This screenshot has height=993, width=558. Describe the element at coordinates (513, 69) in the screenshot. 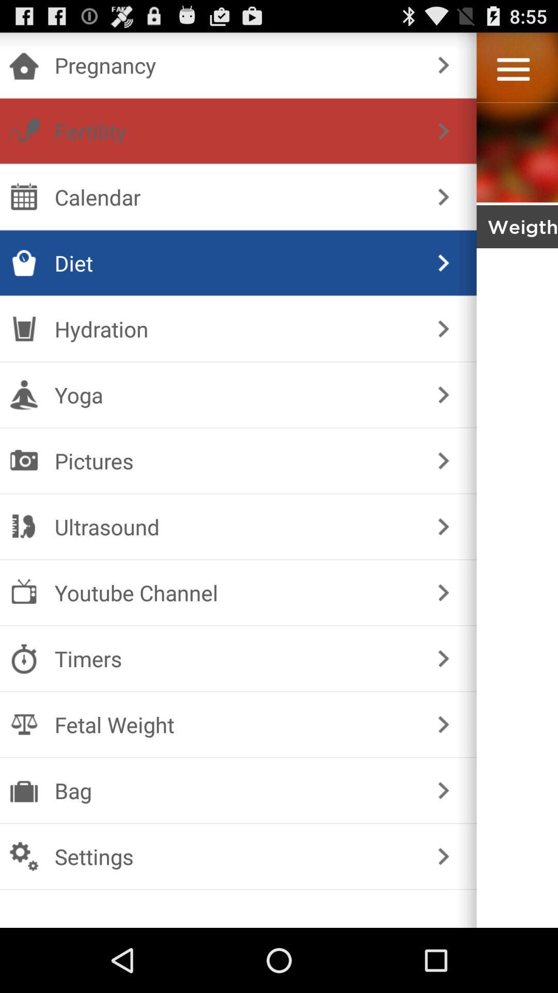

I see `main menu` at that location.